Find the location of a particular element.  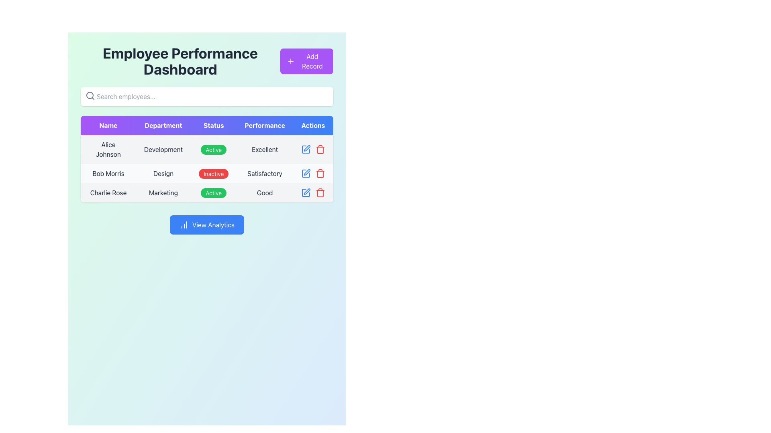

the Table Header Row element that indicates the column categories for the rows underneath is located at coordinates (207, 125).